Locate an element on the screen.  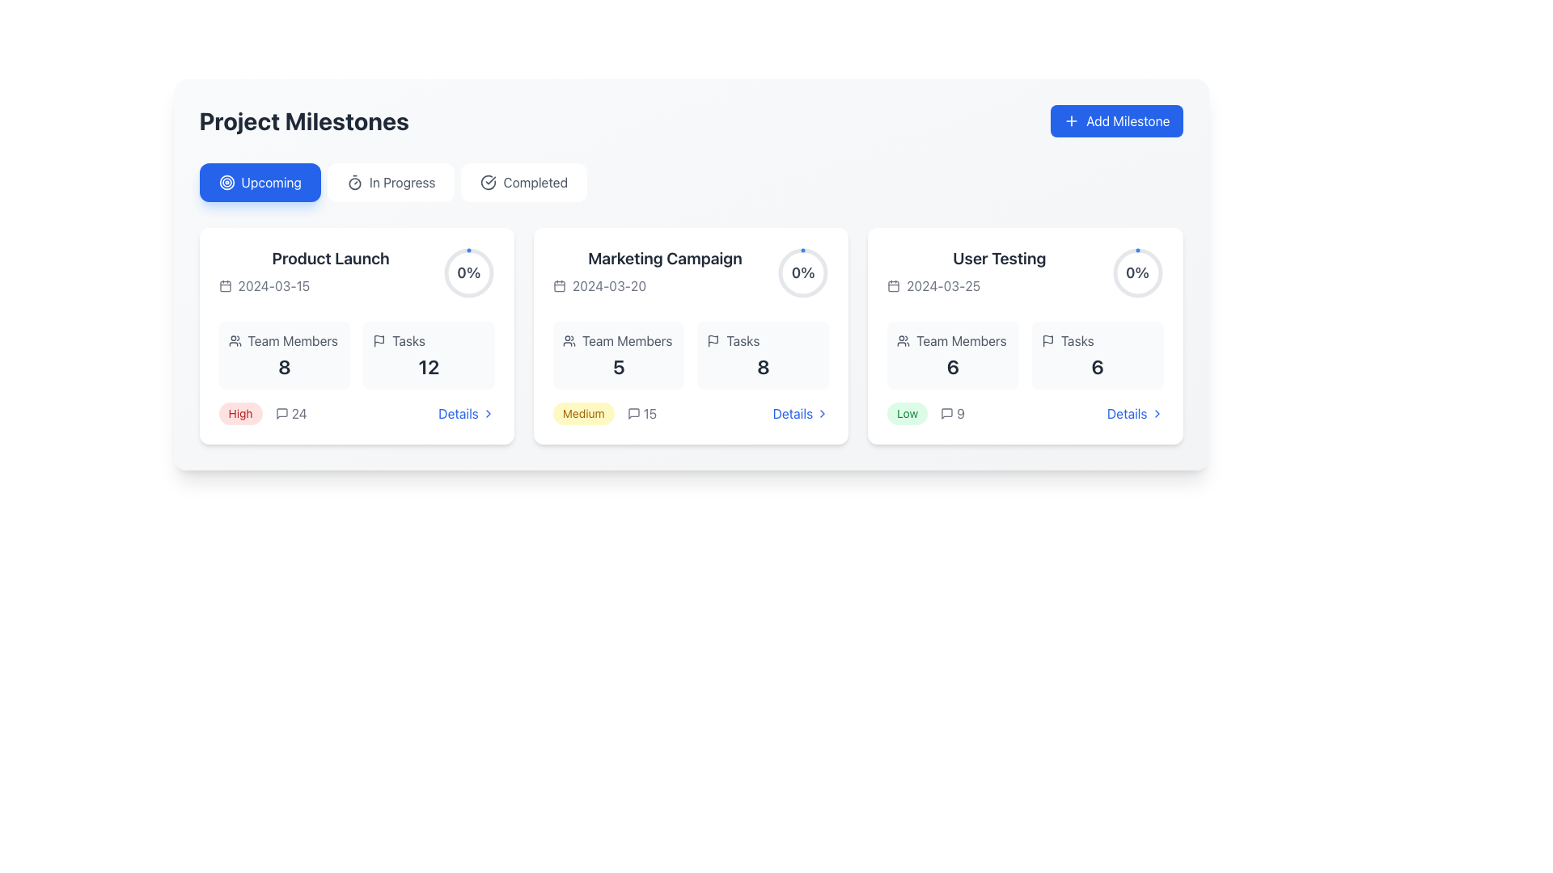
the 'In Progress' tab icon, which visually represents ongoing activities and is located to the left of the text 'In Progress' in the navigation tab is located at coordinates (353, 182).